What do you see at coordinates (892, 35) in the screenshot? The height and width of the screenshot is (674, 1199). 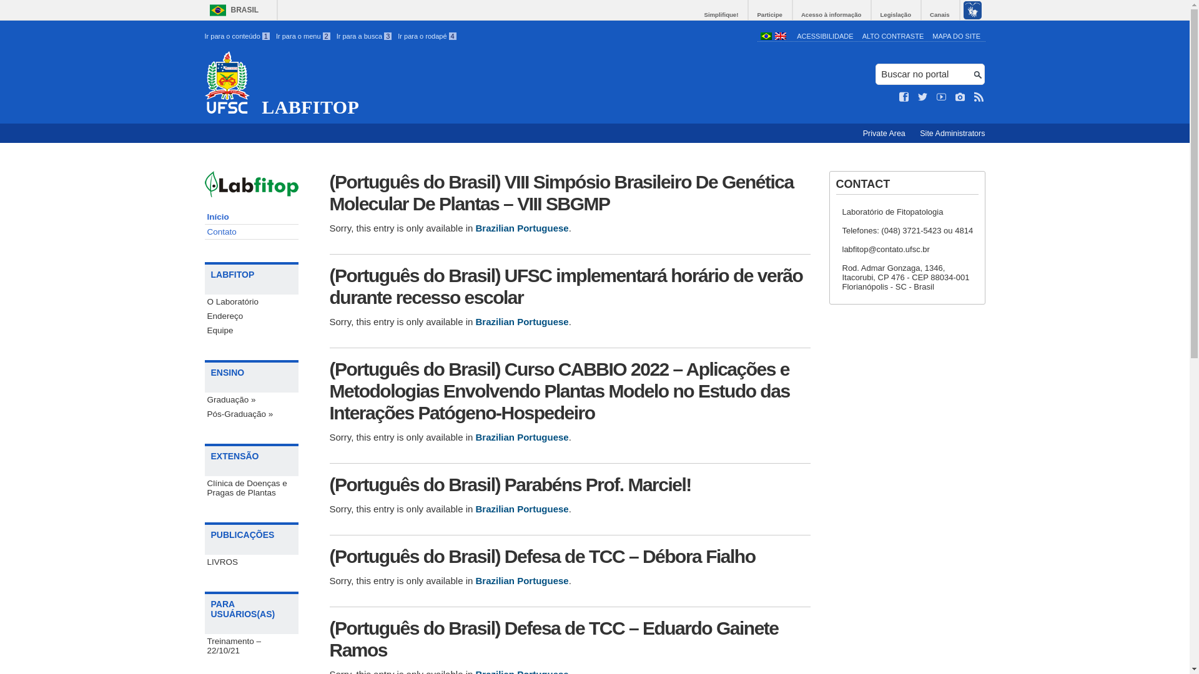 I see `'ALTO CONTRASTE'` at bounding box center [892, 35].